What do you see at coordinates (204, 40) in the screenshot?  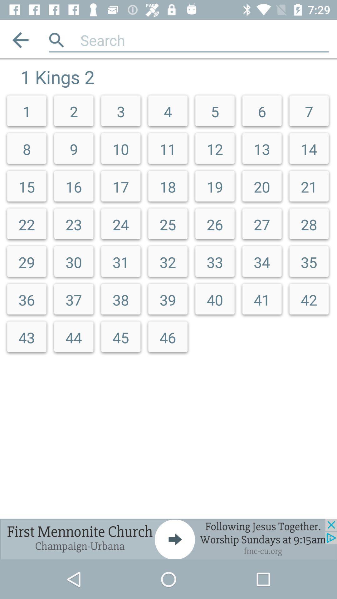 I see `input search query` at bounding box center [204, 40].